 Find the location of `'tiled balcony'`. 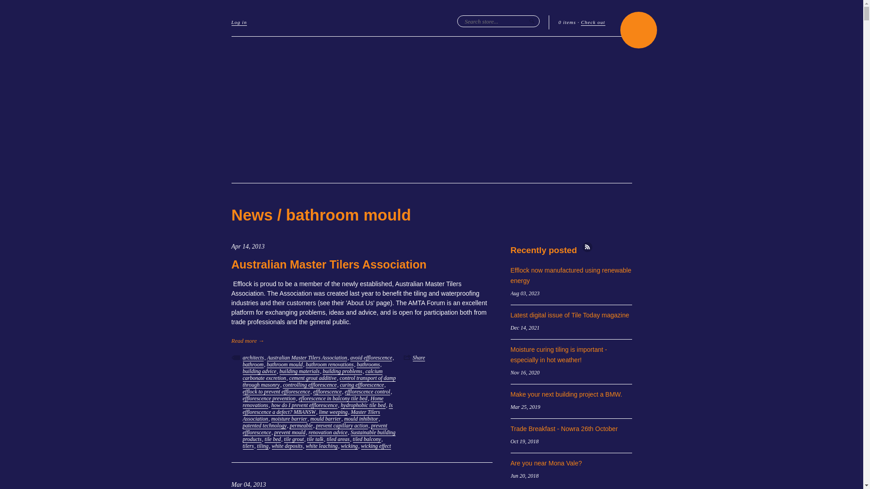

'tiled balcony' is located at coordinates (367, 439).